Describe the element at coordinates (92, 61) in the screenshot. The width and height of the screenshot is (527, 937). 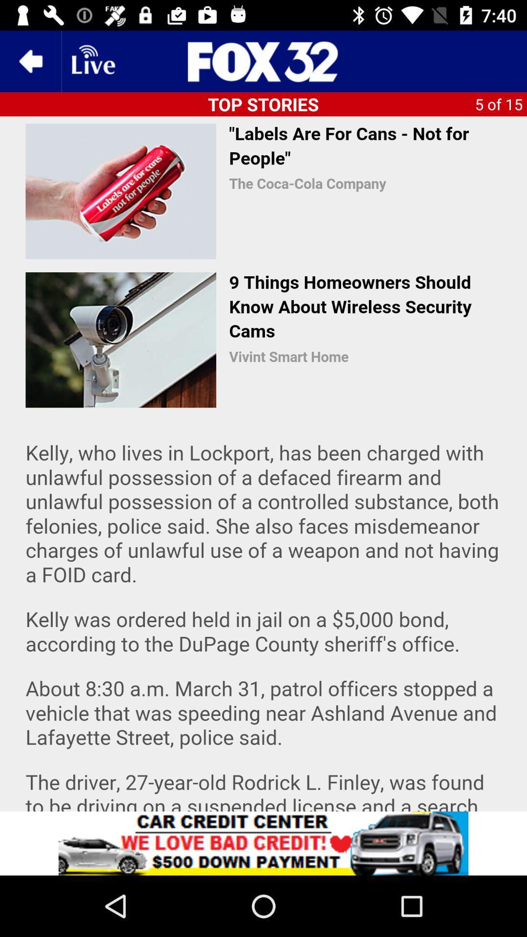
I see `live video` at that location.